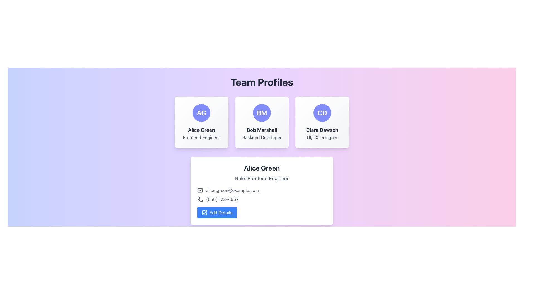 The height and width of the screenshot is (301, 535). What do you see at coordinates (204, 213) in the screenshot?
I see `the pen icon located to the left of the 'Edit Details' button at the bottom of Alice Green's profile card to initiate the editing function` at bounding box center [204, 213].